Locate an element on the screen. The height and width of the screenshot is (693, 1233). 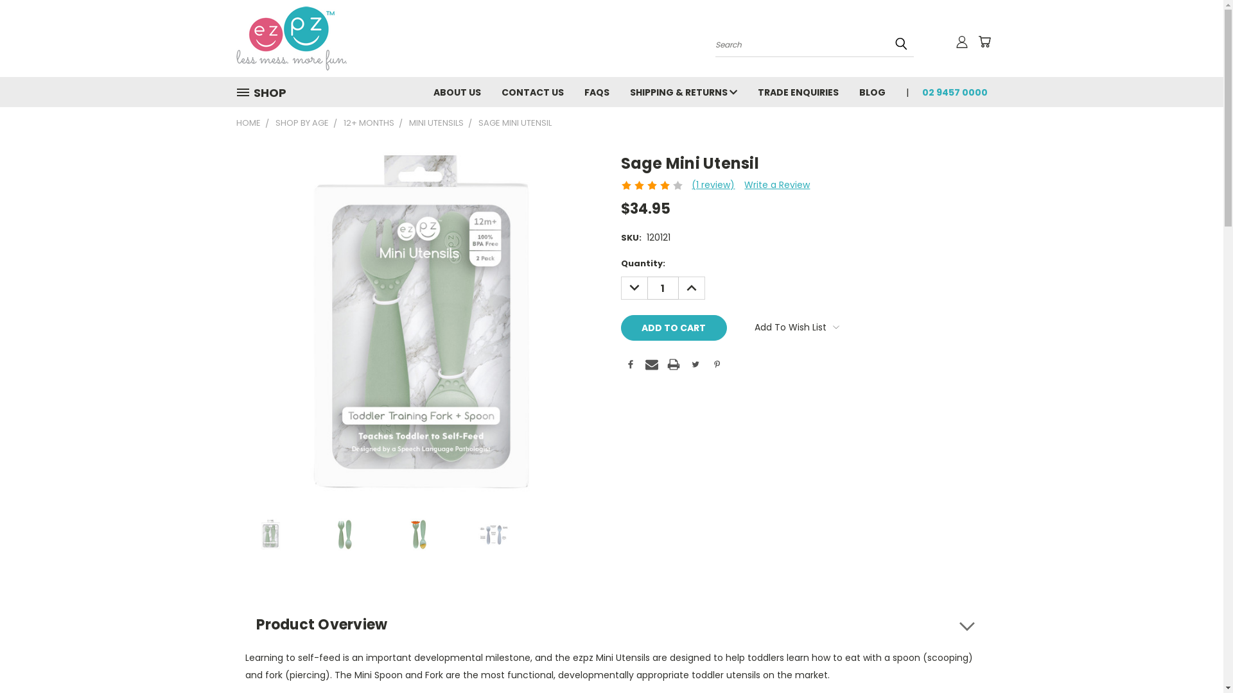
'12+ MONTHS' is located at coordinates (367, 123).